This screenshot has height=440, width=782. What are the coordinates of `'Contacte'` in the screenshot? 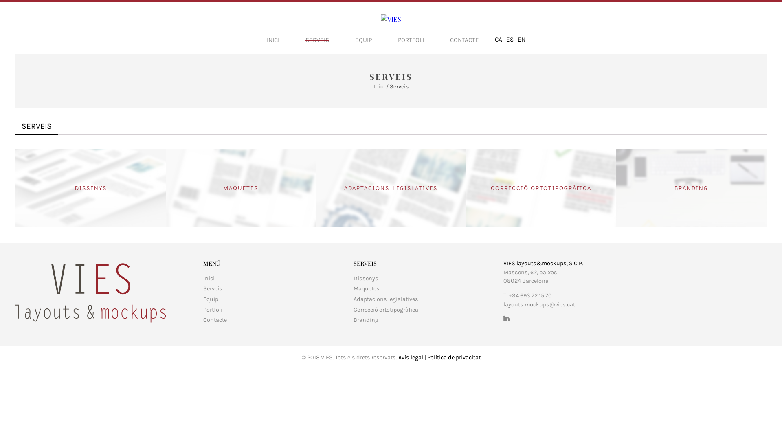 It's located at (215, 319).